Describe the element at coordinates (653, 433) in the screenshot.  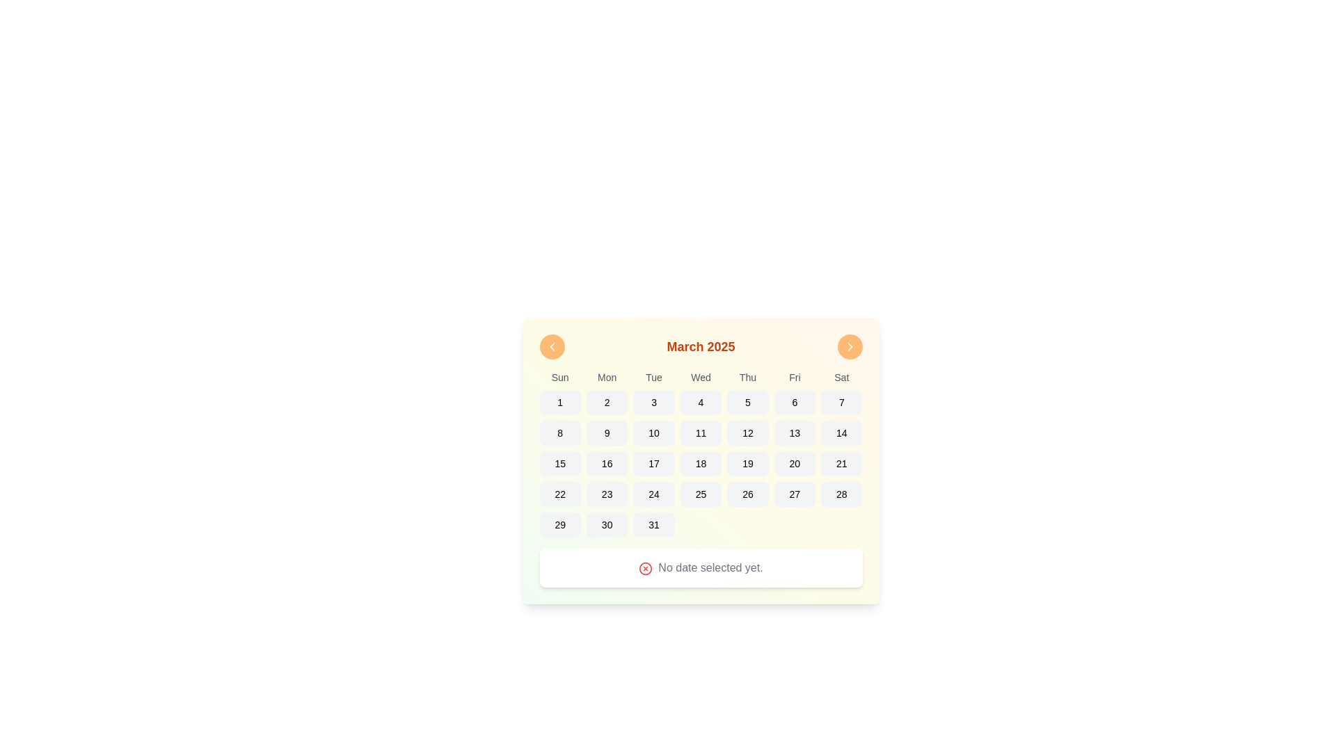
I see `the date button '10' in the calendar interface` at that location.